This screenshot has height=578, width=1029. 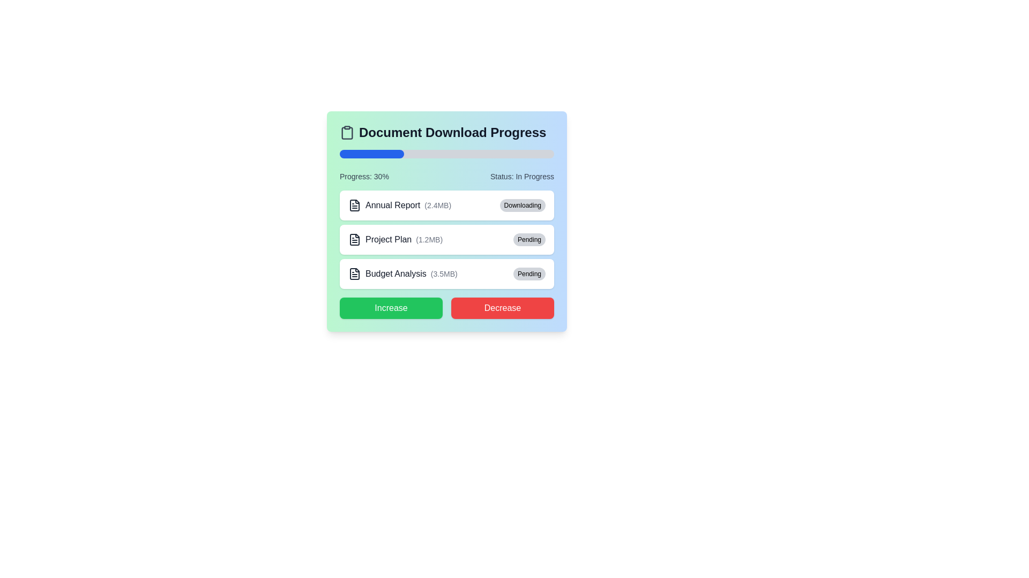 I want to click on the 'Project Plan' download panel, so click(x=447, y=239).